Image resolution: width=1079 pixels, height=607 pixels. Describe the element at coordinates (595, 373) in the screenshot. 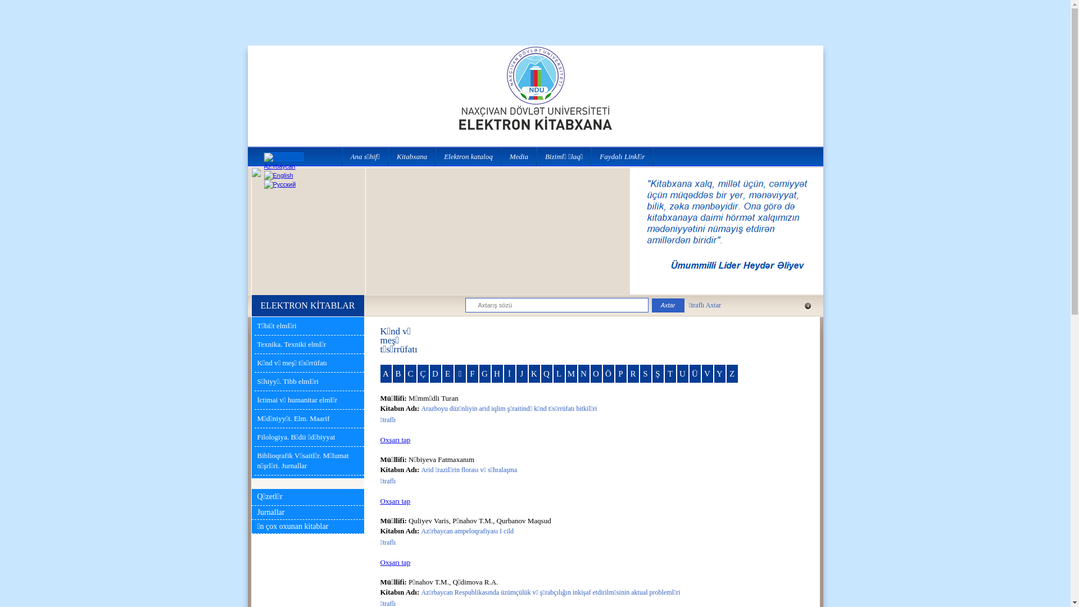

I see `'O'` at that location.